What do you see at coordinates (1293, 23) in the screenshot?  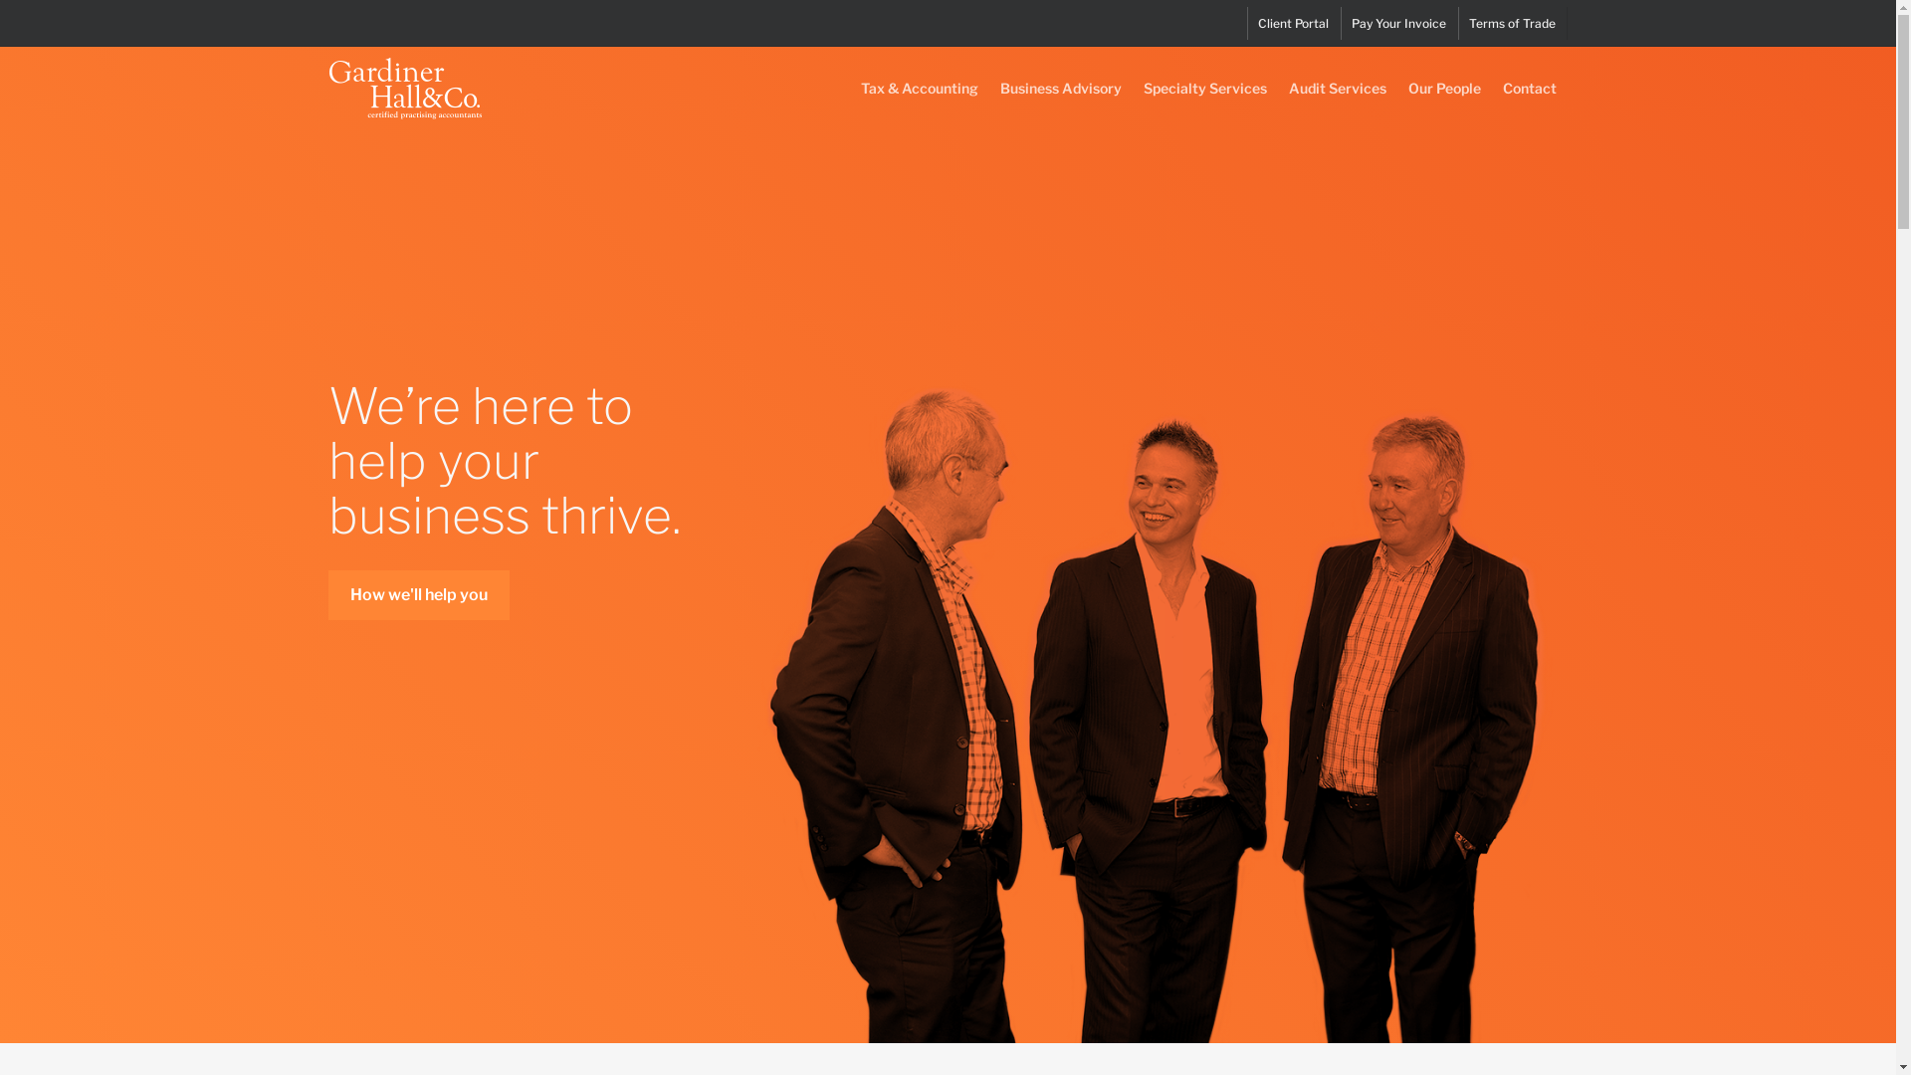 I see `'Client Portal'` at bounding box center [1293, 23].